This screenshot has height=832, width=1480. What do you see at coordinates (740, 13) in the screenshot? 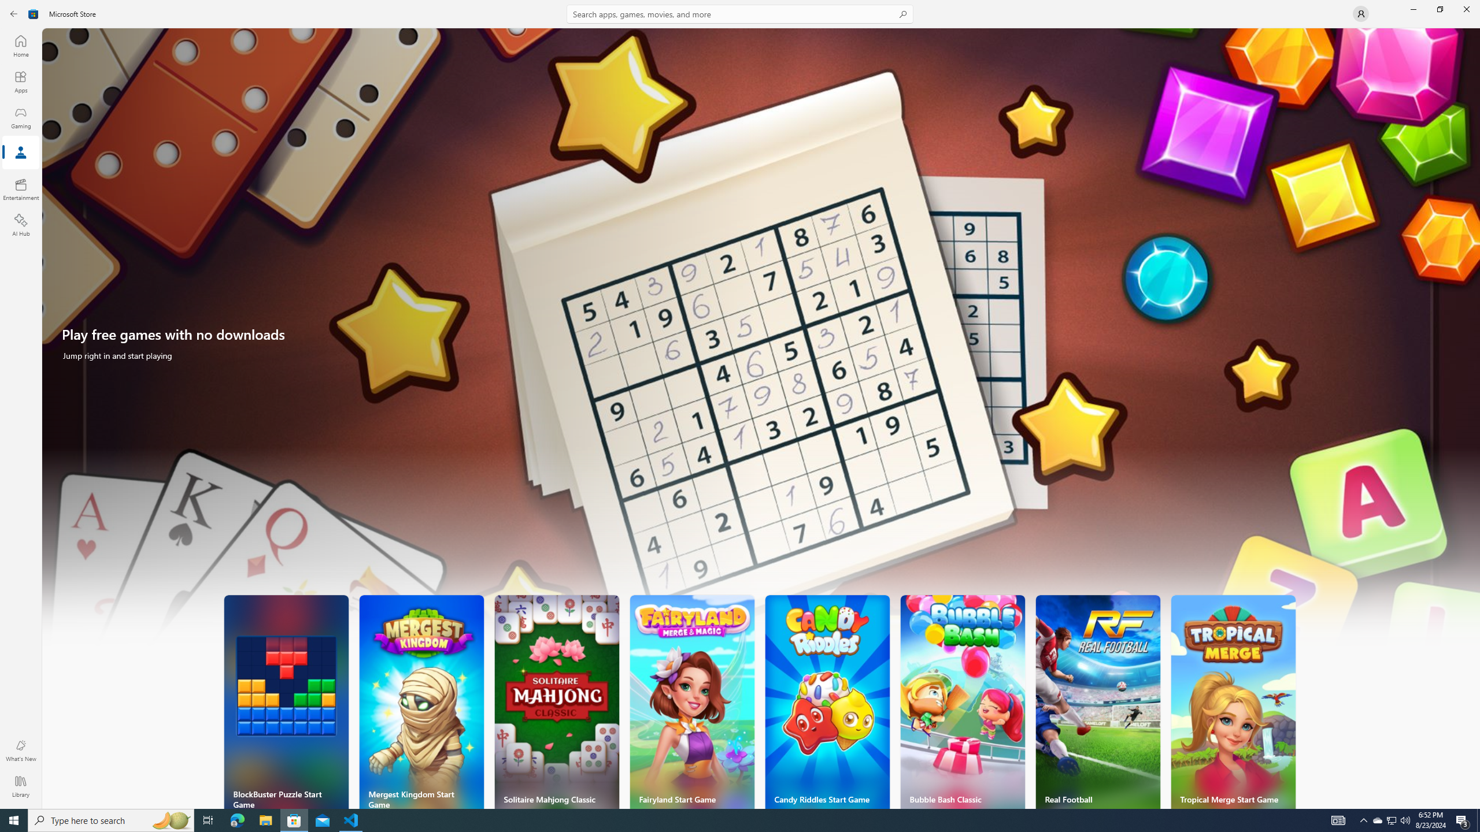
I see `'Search'` at bounding box center [740, 13].